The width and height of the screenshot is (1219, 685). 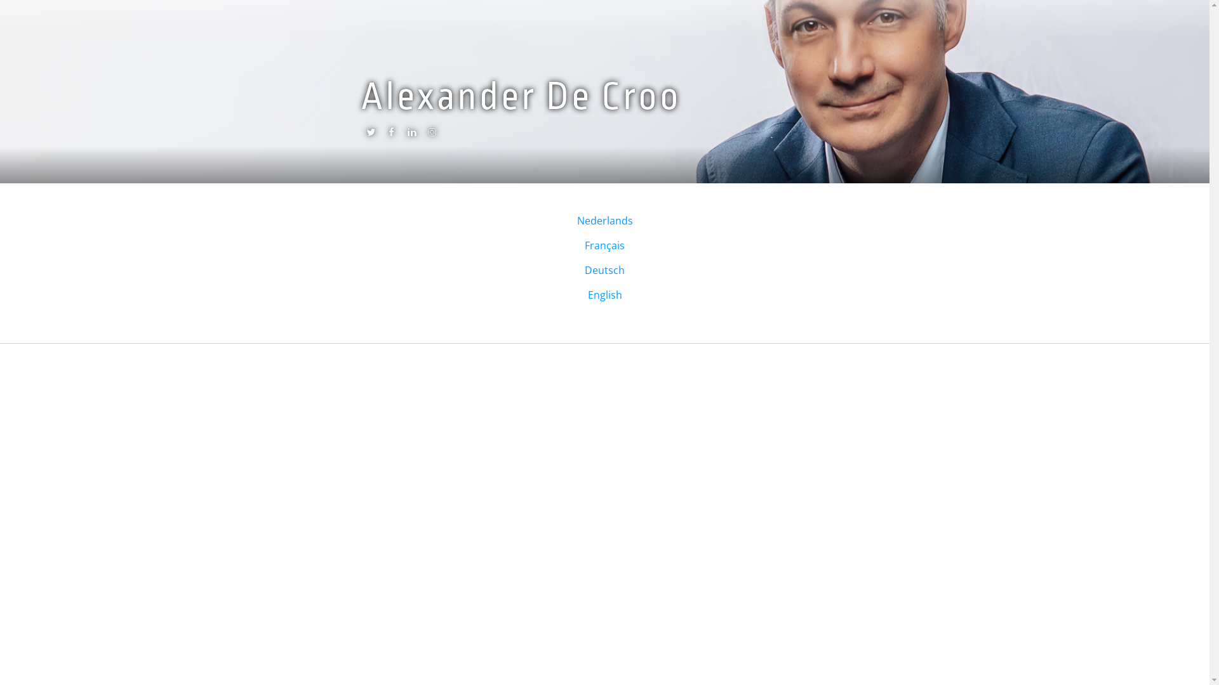 I want to click on 'instagram', so click(x=432, y=134).